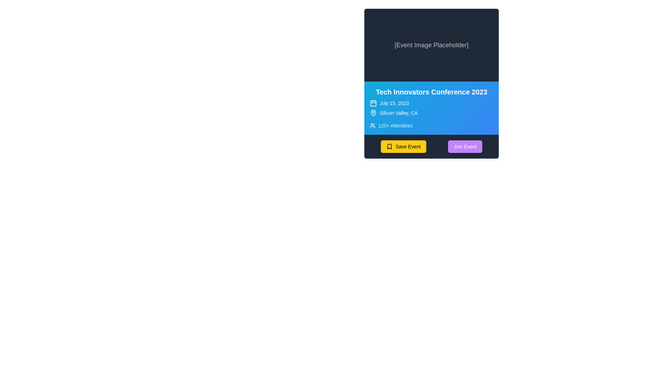 The image size is (672, 378). What do you see at coordinates (395, 125) in the screenshot?
I see `the static text displaying the number of attendees expected at the event, positioned below the 'Silicon Valley, CA' address line and to the right of the user icon` at bounding box center [395, 125].